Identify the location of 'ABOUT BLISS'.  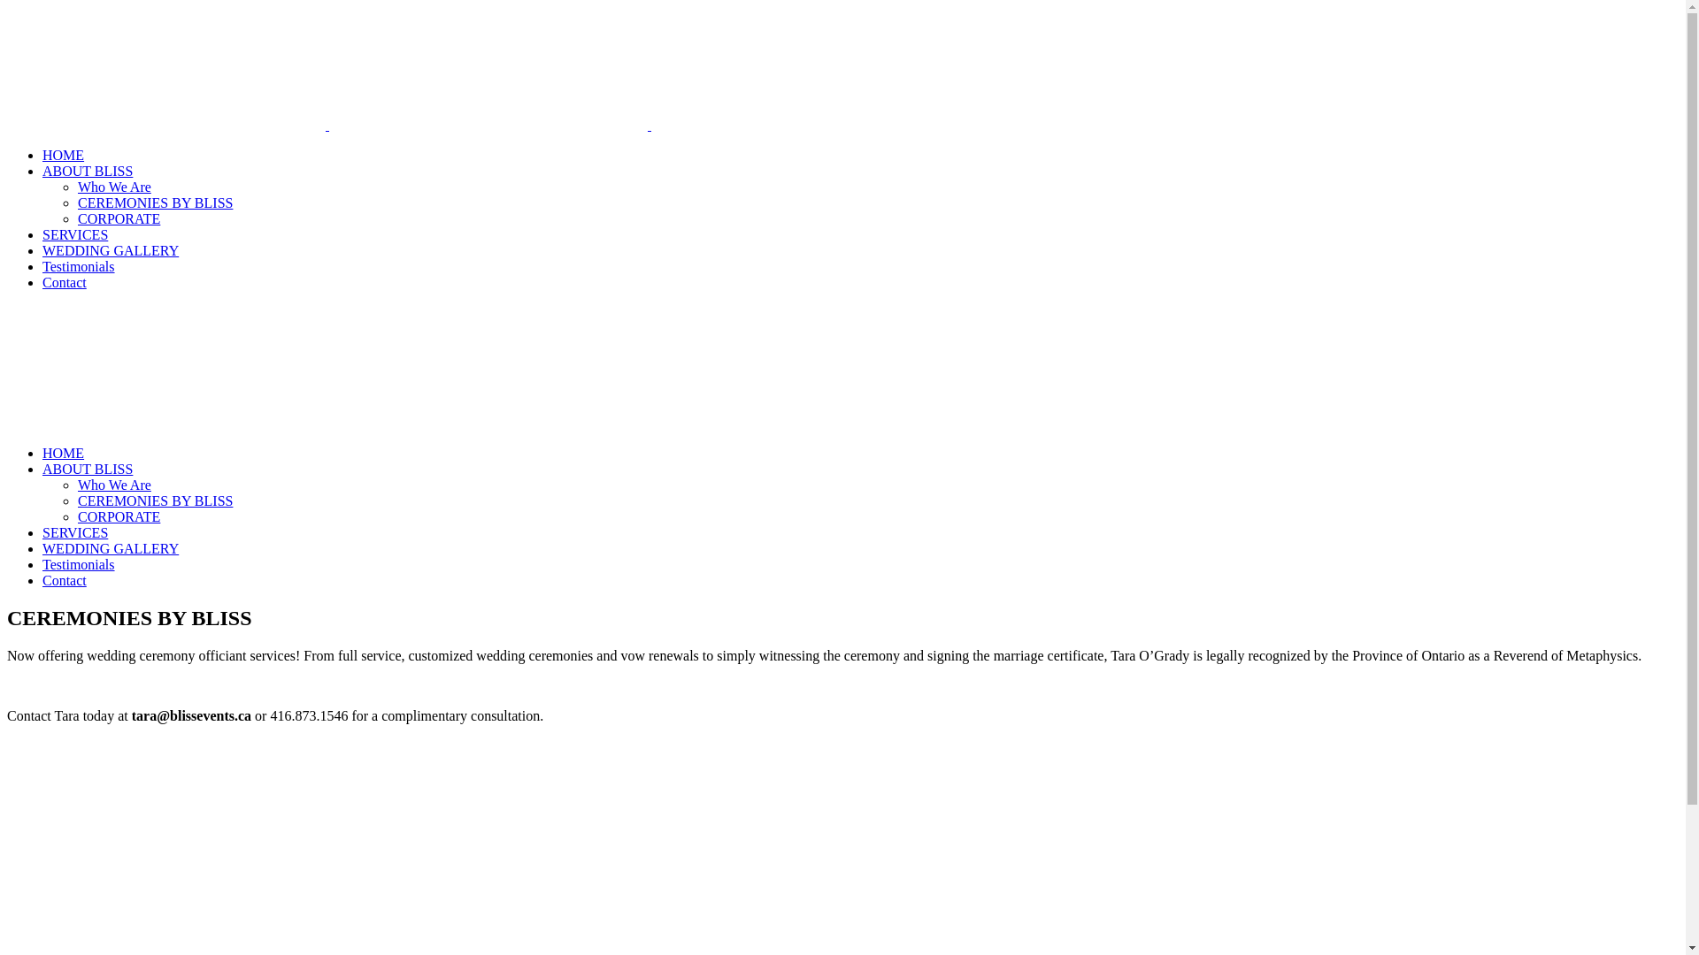
(42, 468).